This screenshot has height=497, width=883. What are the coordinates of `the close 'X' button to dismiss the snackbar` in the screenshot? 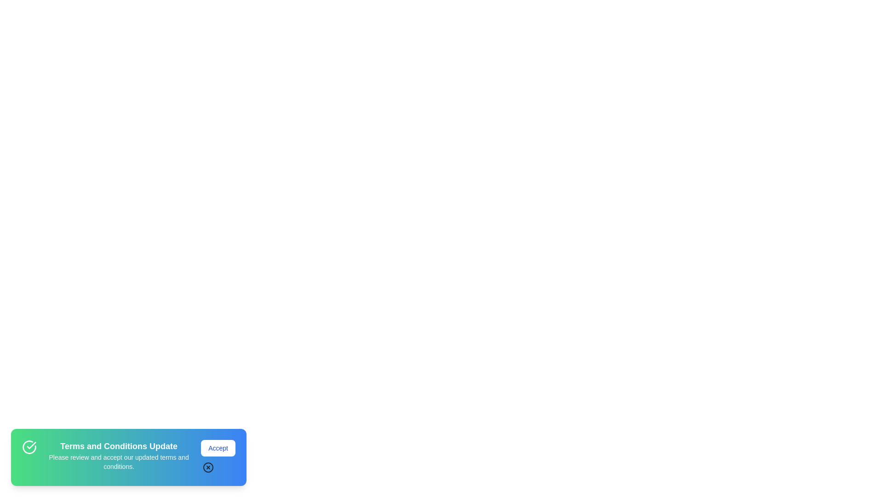 It's located at (218, 467).